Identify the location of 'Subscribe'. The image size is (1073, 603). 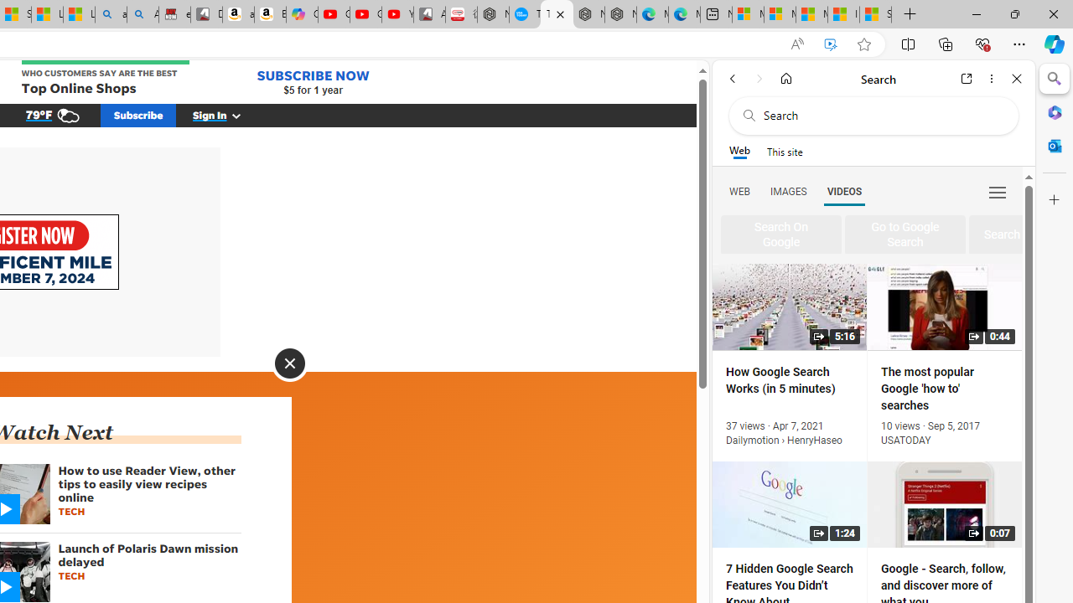
(138, 114).